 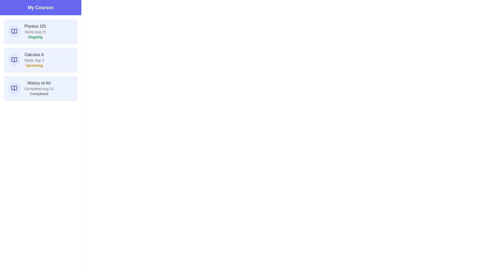 I want to click on button in the top-left corner to toggle the drawer, so click(x=10, y=10).